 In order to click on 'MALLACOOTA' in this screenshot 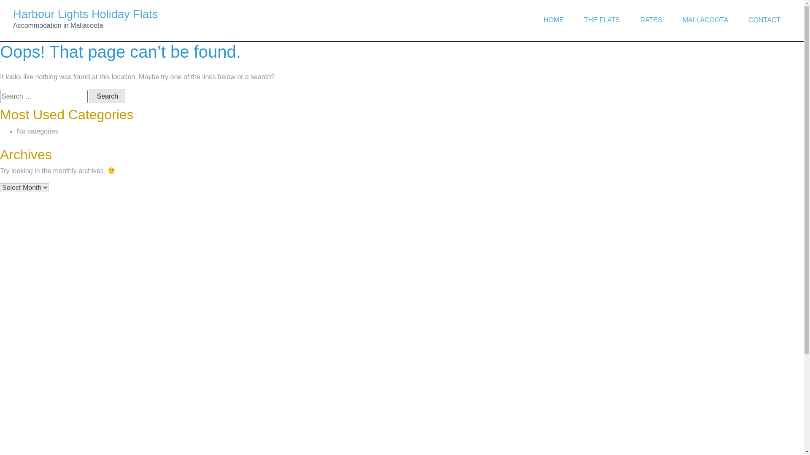, I will do `click(705, 19)`.